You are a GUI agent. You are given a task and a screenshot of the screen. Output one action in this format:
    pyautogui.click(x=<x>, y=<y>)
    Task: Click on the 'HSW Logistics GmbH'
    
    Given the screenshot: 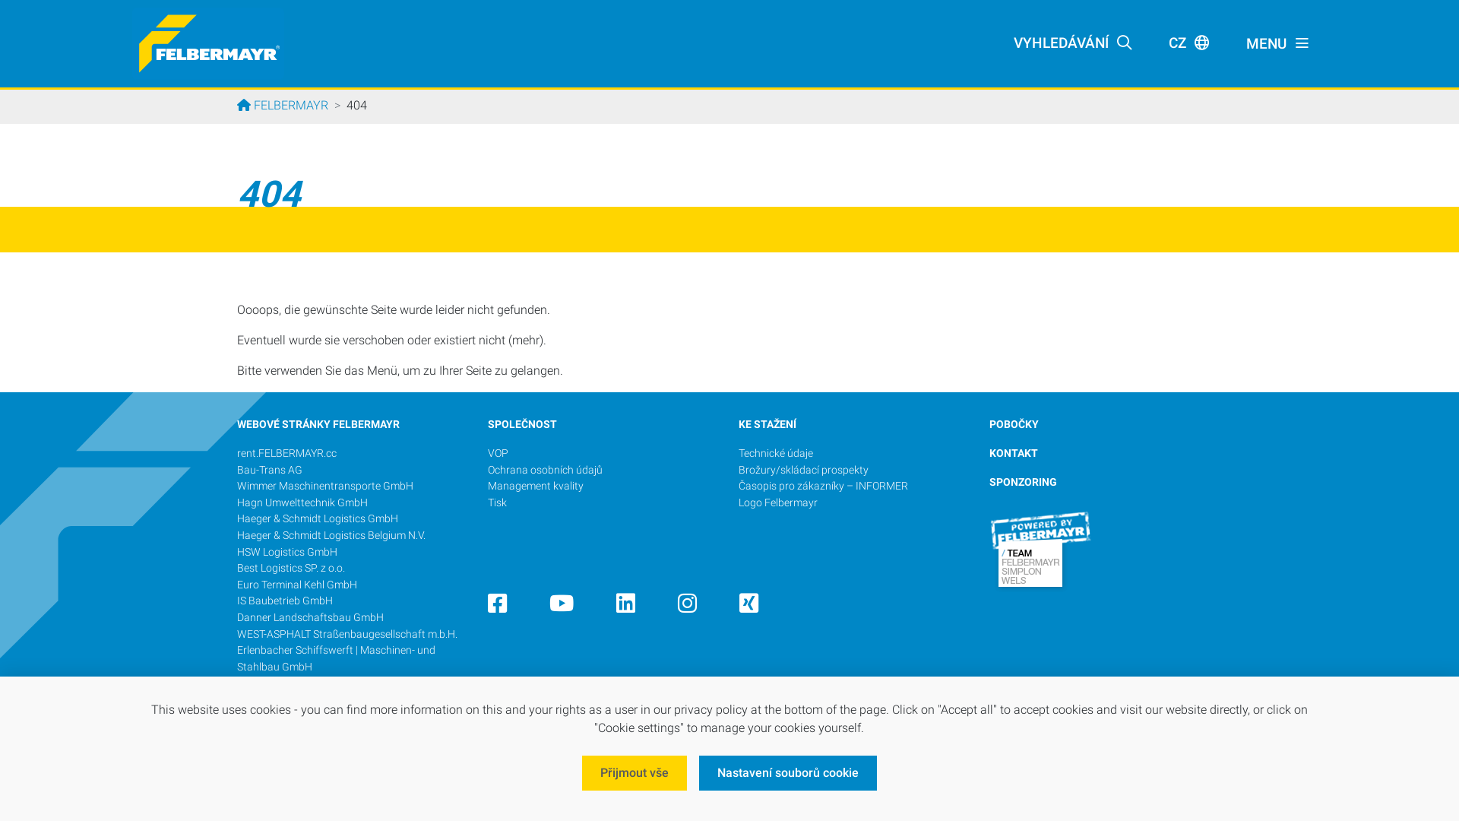 What is the action you would take?
    pyautogui.click(x=287, y=552)
    